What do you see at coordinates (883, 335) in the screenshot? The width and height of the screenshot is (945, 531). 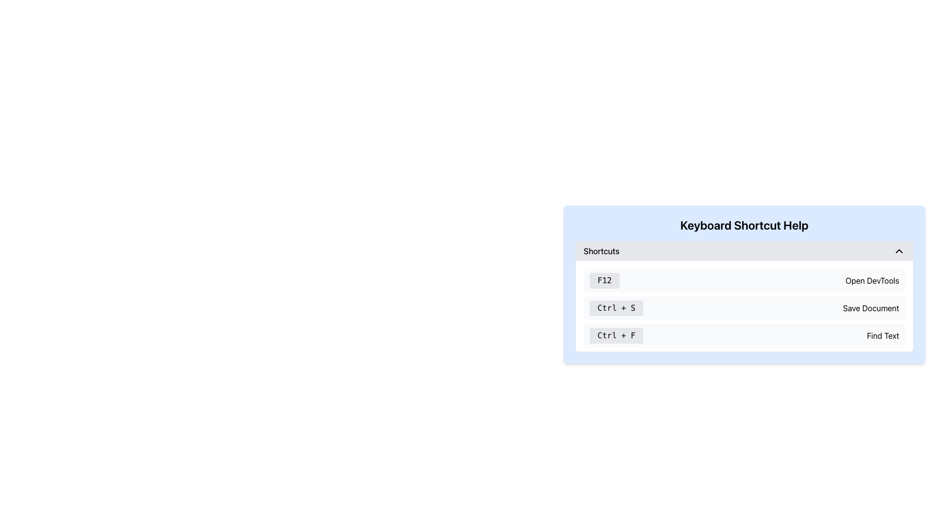 I see `the right-aligned text label in the 'Keyboard Shortcut Help' section that describes the 'Ctrl + F' shortcut functionality` at bounding box center [883, 335].